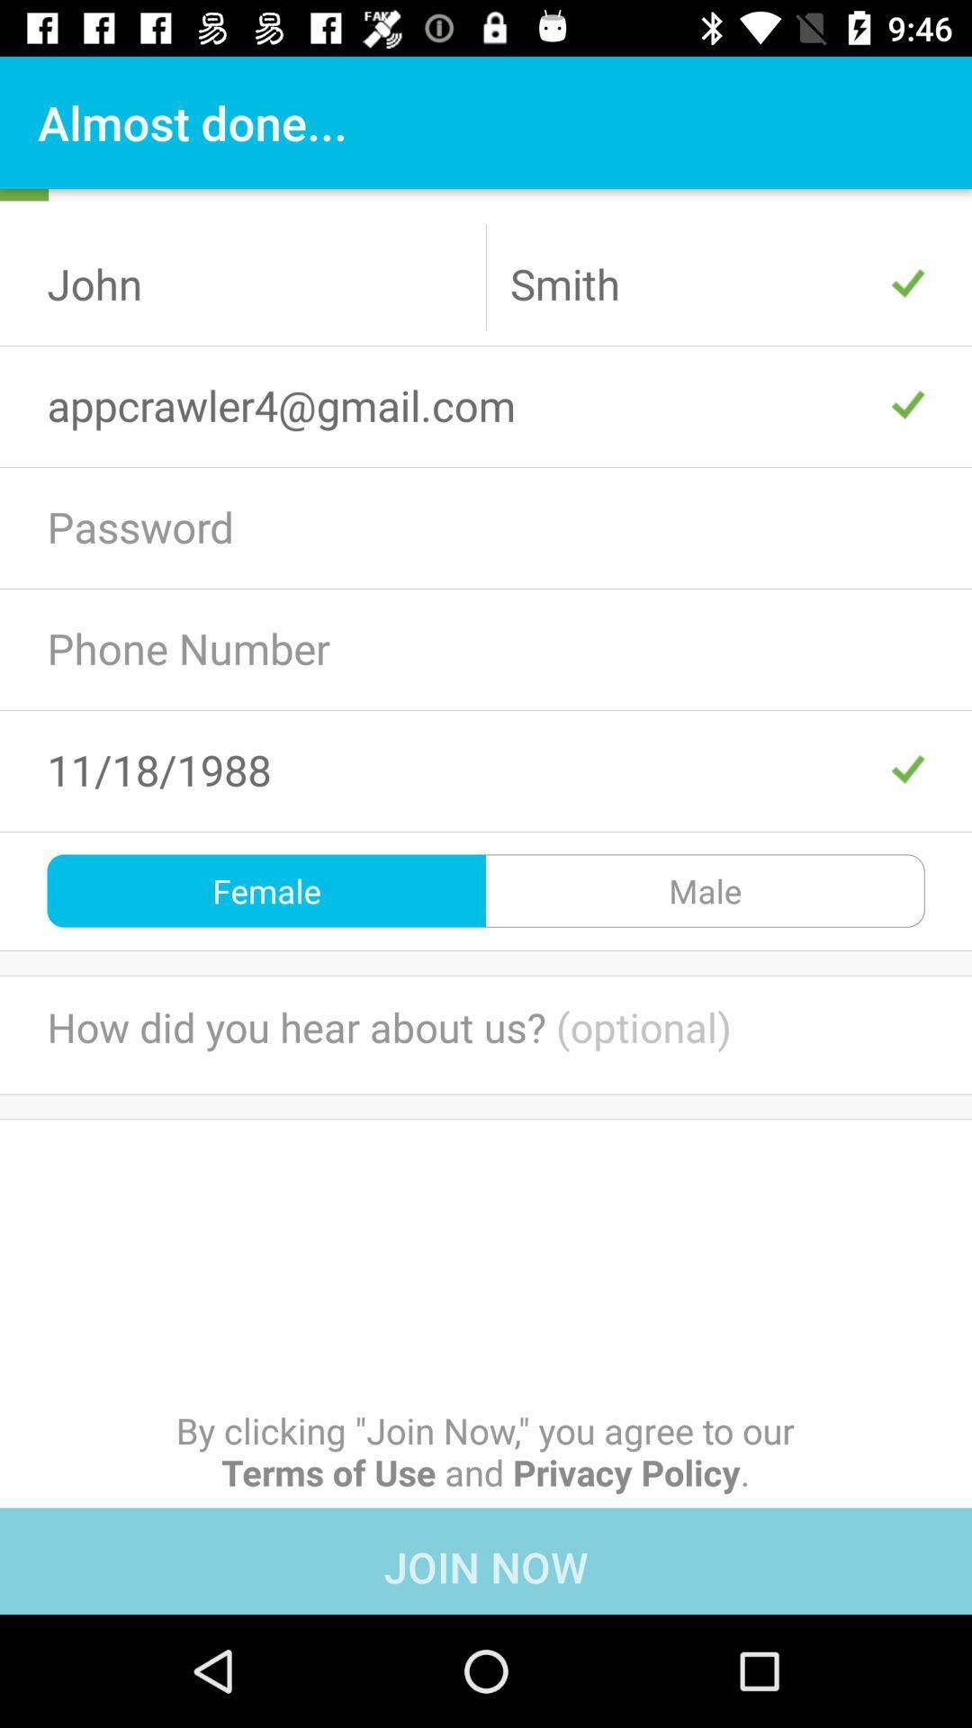  What do you see at coordinates (266, 890) in the screenshot?
I see `the female on the left` at bounding box center [266, 890].